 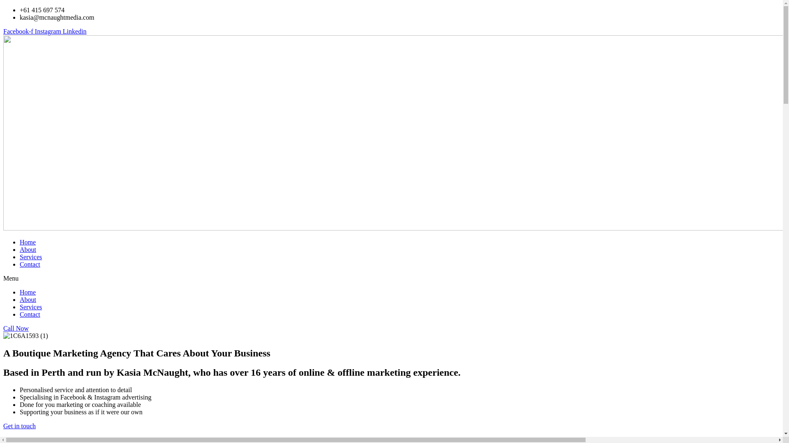 What do you see at coordinates (28, 249) in the screenshot?
I see `'About'` at bounding box center [28, 249].